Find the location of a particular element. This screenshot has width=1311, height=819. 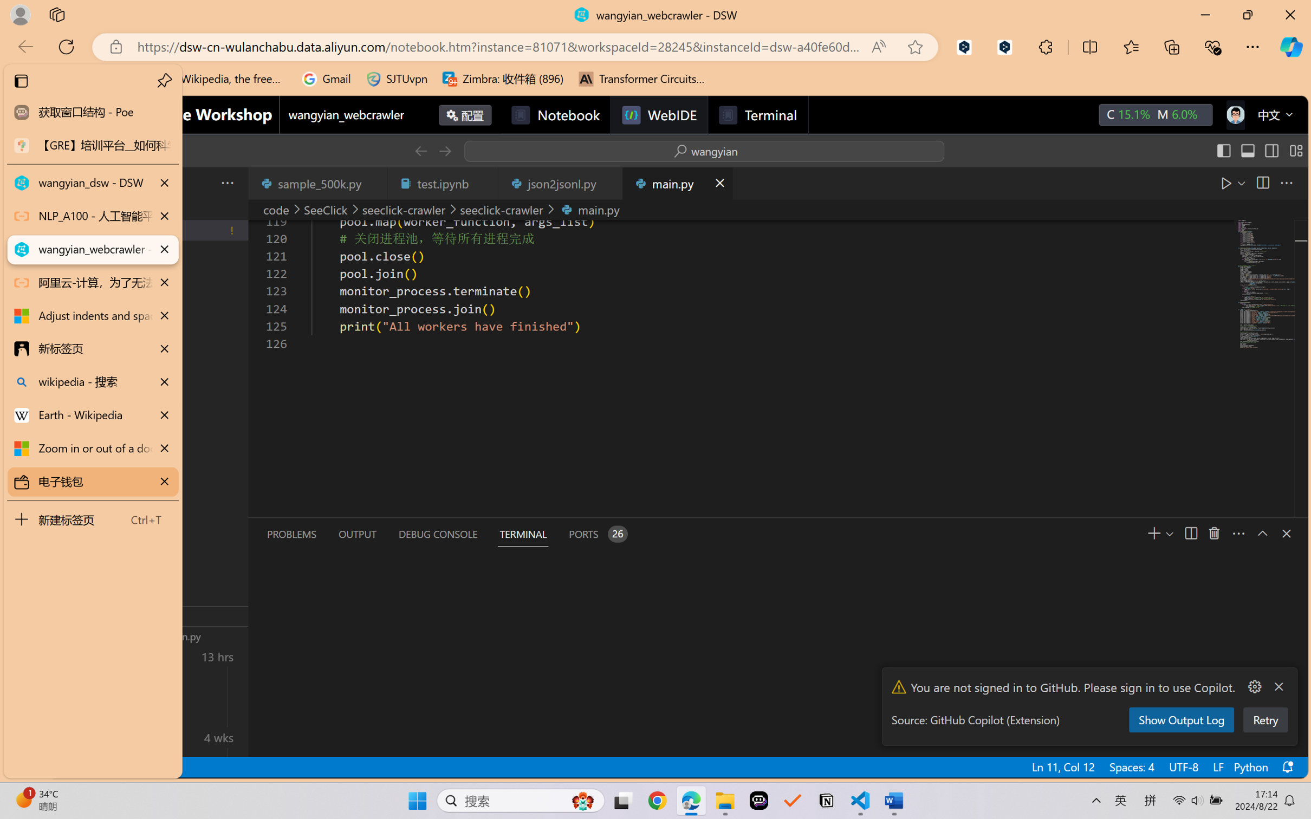

'Problems (Ctrl+Shift+M)' is located at coordinates (291, 534).